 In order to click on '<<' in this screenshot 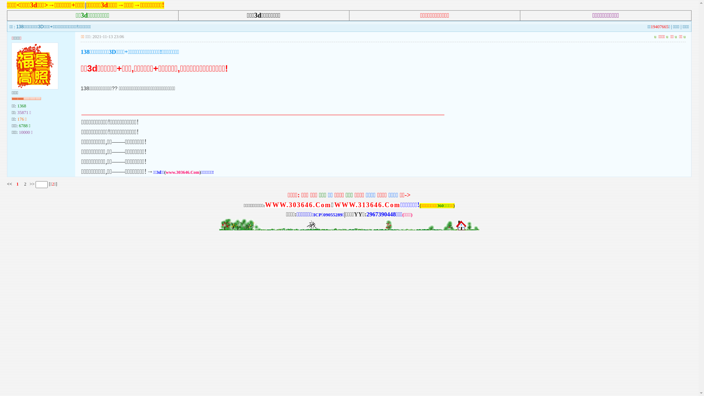, I will do `click(9, 183)`.